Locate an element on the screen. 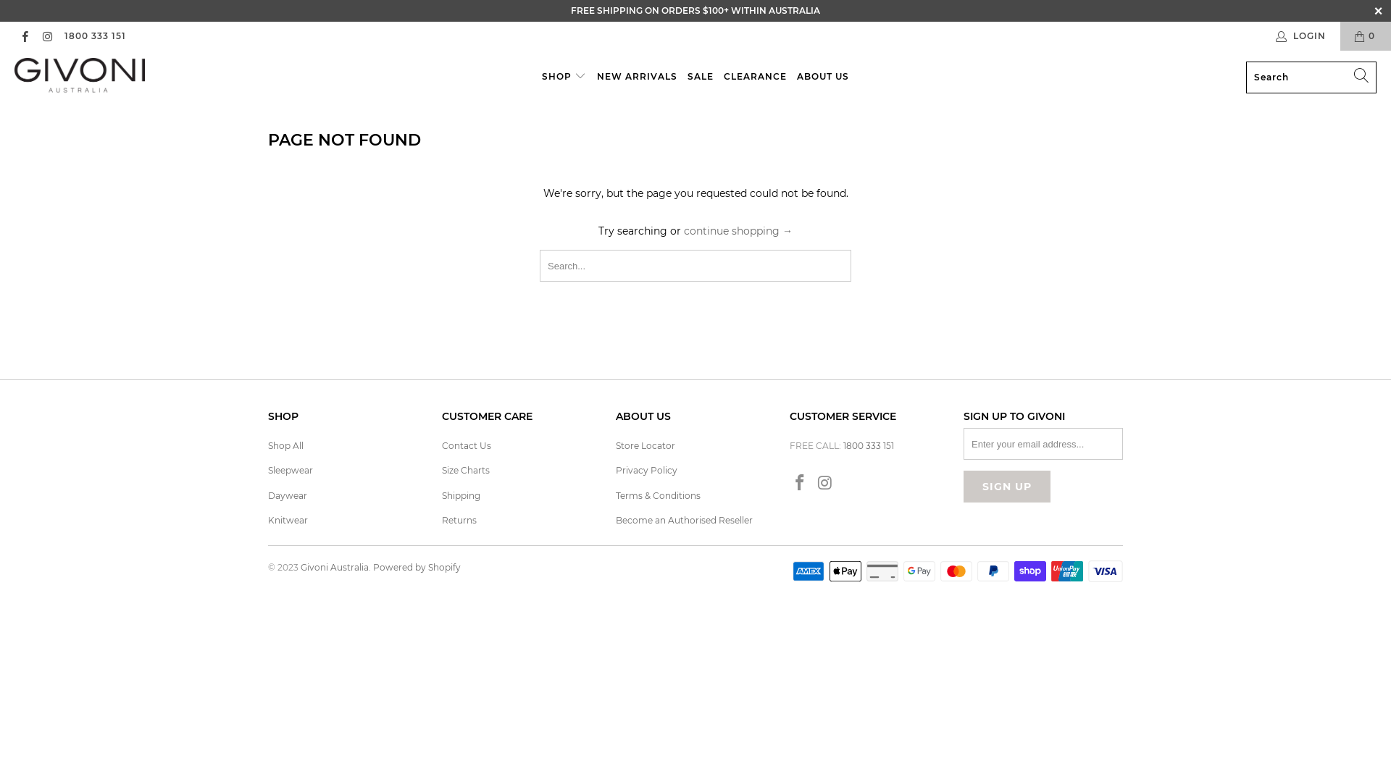 This screenshot has width=1391, height=782. 'Size Charts' is located at coordinates (466, 470).